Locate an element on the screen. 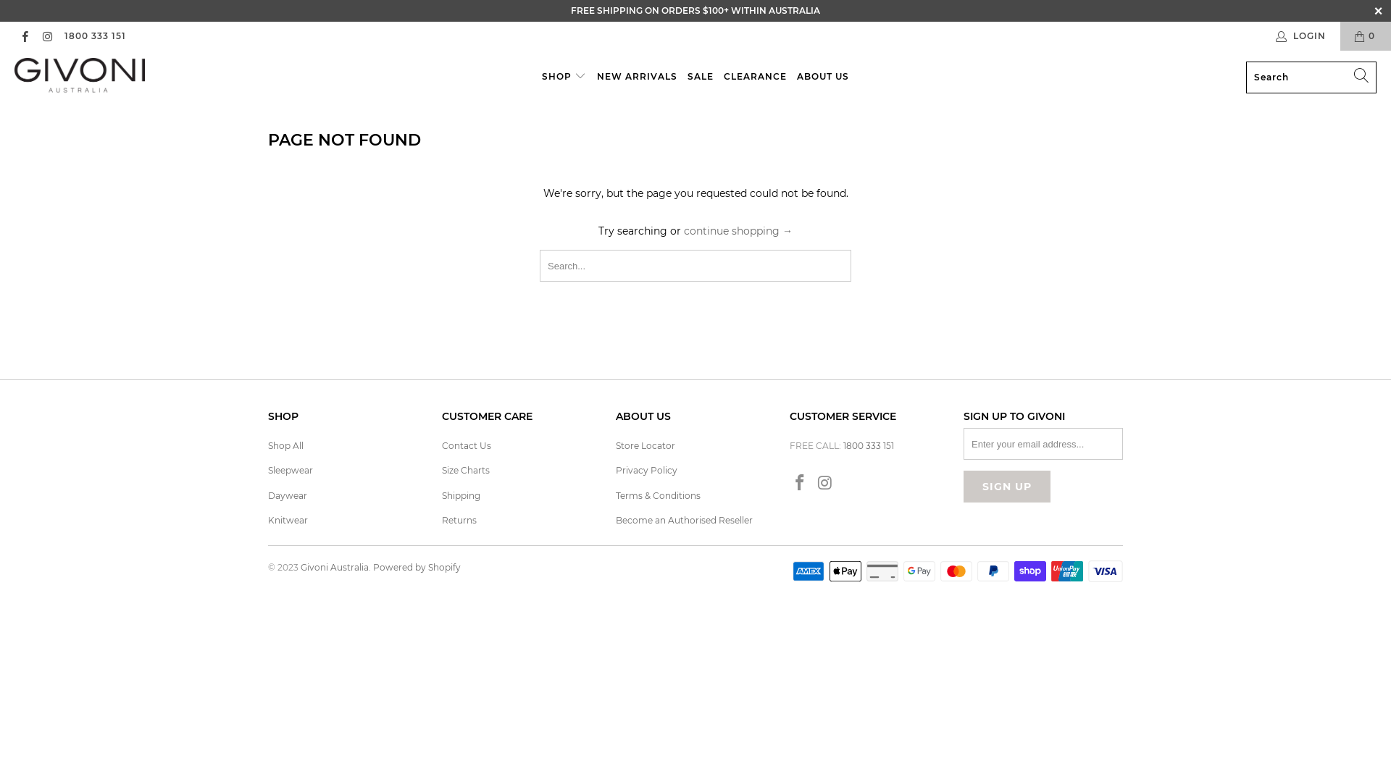 This screenshot has width=1391, height=782. 'Size Charts' is located at coordinates (466, 470).